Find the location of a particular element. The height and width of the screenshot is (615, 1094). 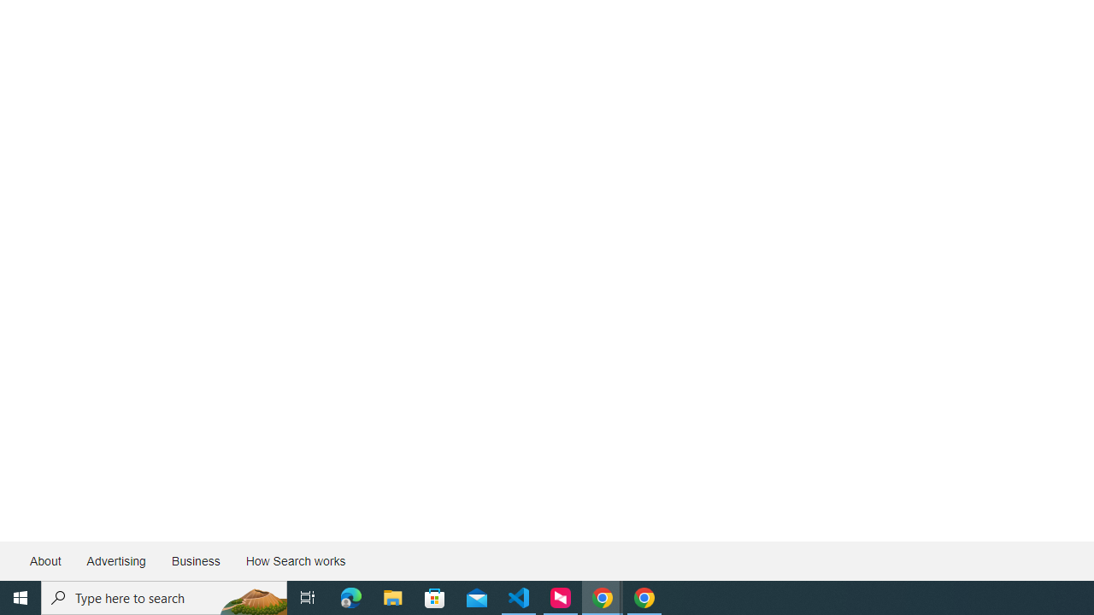

'Business' is located at coordinates (196, 561).